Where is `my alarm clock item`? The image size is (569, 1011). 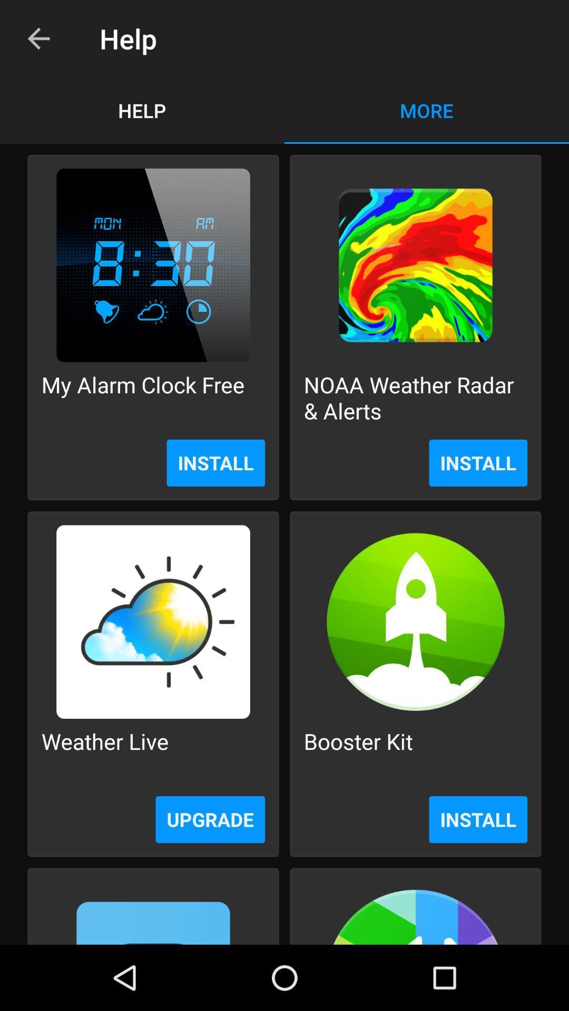 my alarm clock item is located at coordinates (143, 397).